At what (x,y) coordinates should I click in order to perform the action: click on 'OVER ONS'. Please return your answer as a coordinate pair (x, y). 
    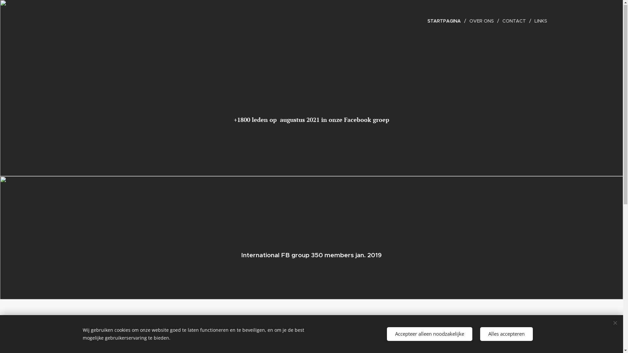
    Looking at the image, I should click on (482, 21).